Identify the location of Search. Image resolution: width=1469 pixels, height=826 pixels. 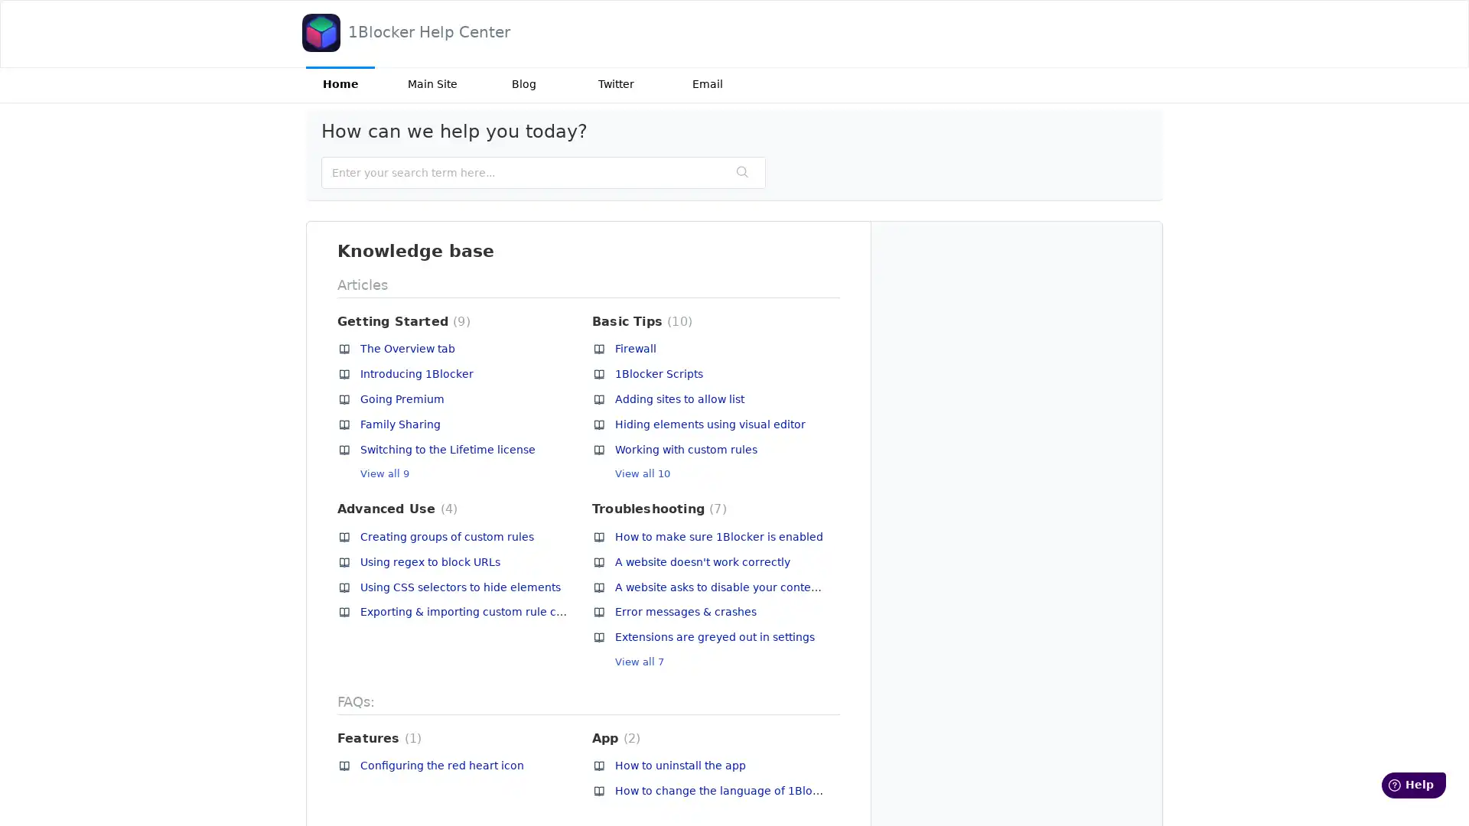
(741, 172).